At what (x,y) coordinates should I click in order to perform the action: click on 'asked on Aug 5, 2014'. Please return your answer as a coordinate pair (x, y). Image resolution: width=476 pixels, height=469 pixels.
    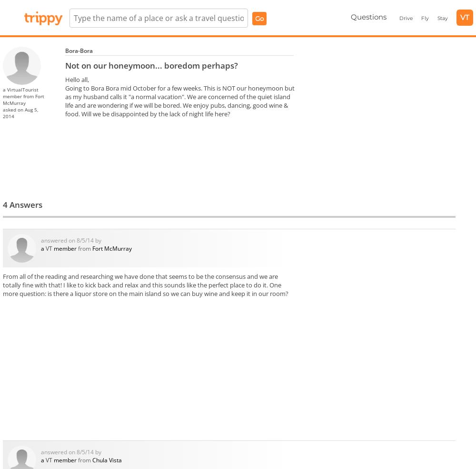
    Looking at the image, I should click on (20, 113).